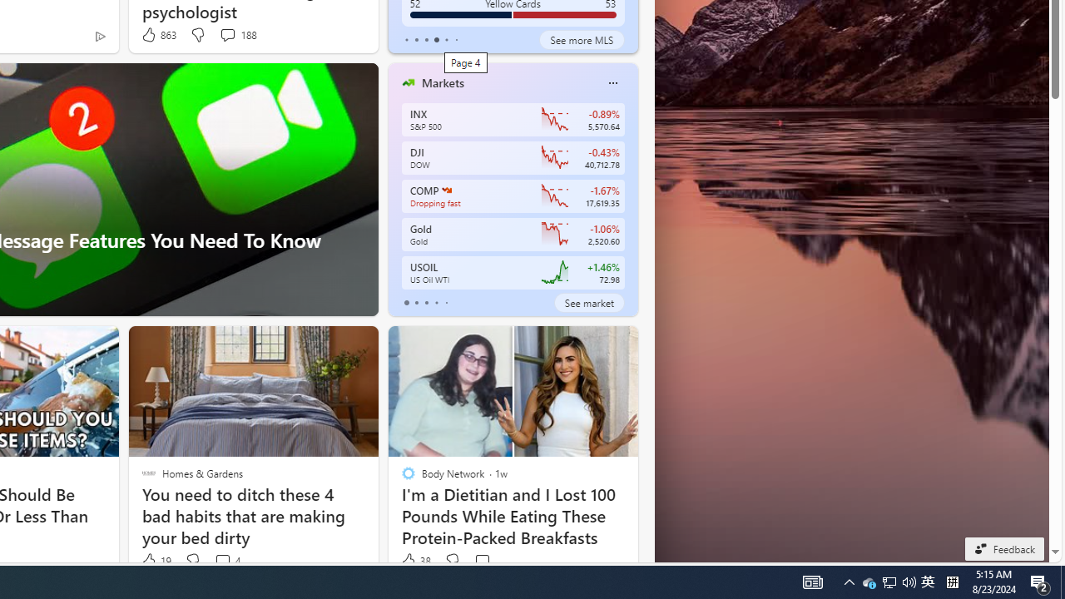 Image resolution: width=1065 pixels, height=599 pixels. What do you see at coordinates (406, 302) in the screenshot?
I see `'tab-0'` at bounding box center [406, 302].